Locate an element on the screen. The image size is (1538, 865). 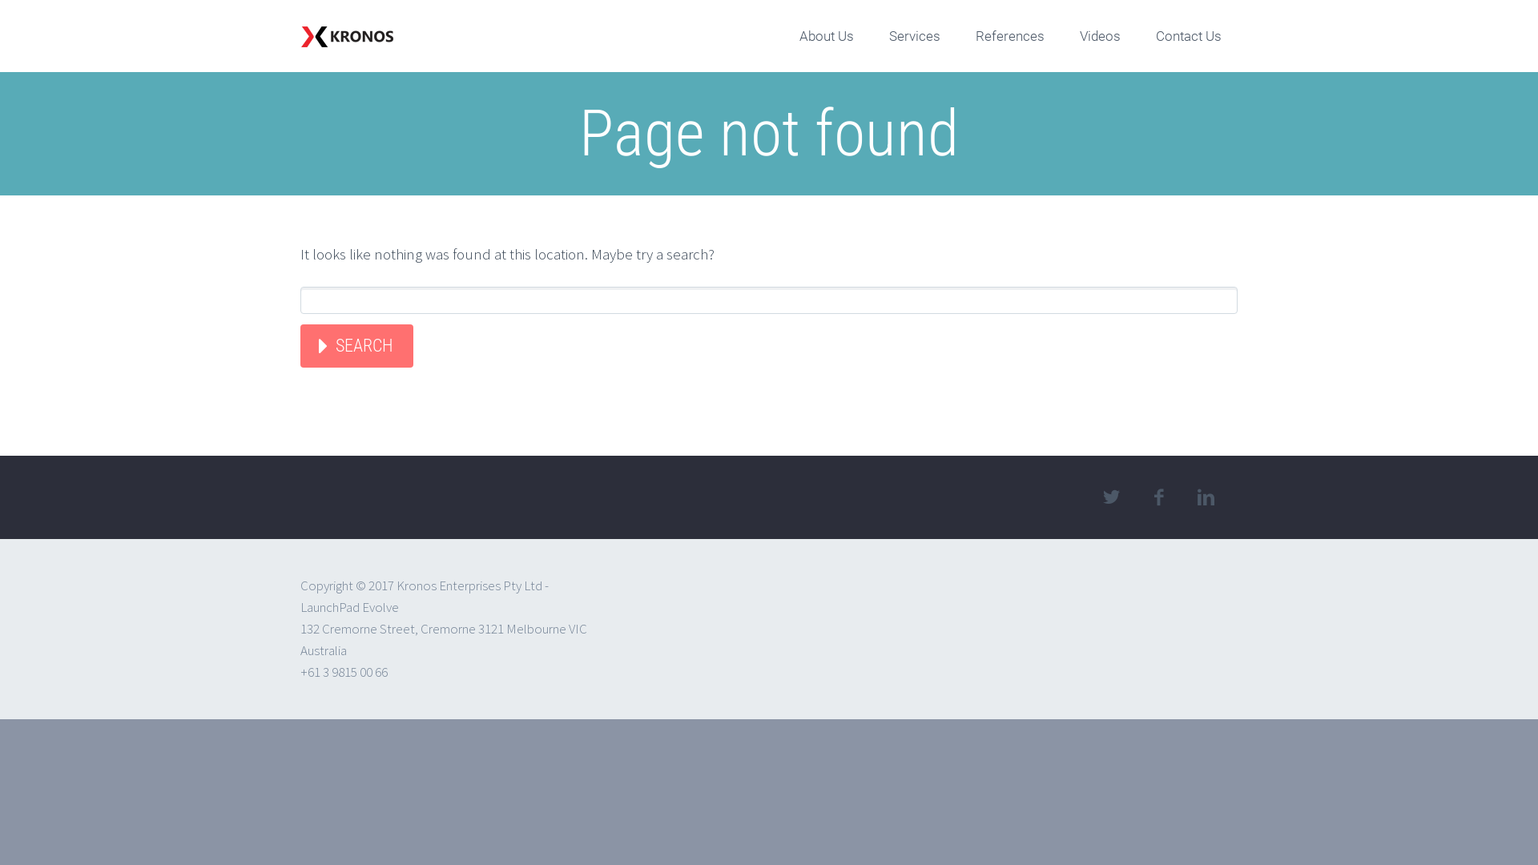
'linkedin' is located at coordinates (1206, 497).